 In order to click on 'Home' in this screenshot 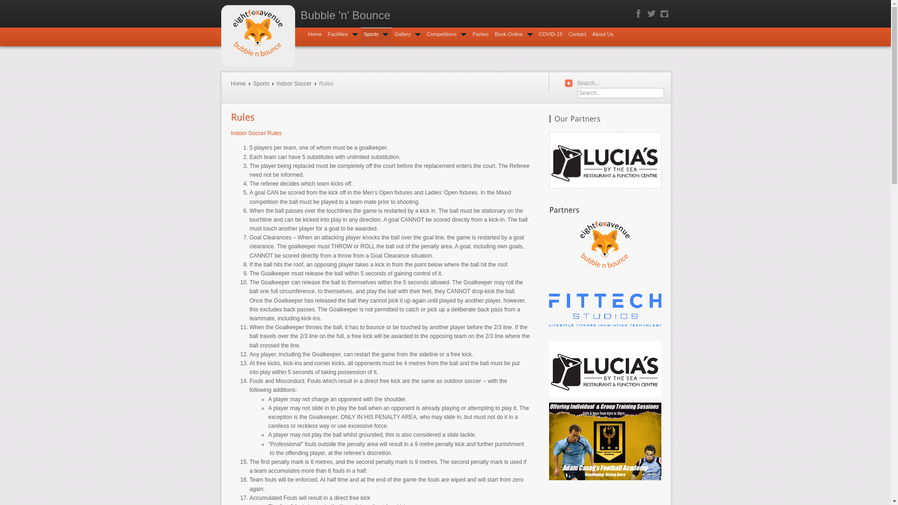, I will do `click(314, 37)`.